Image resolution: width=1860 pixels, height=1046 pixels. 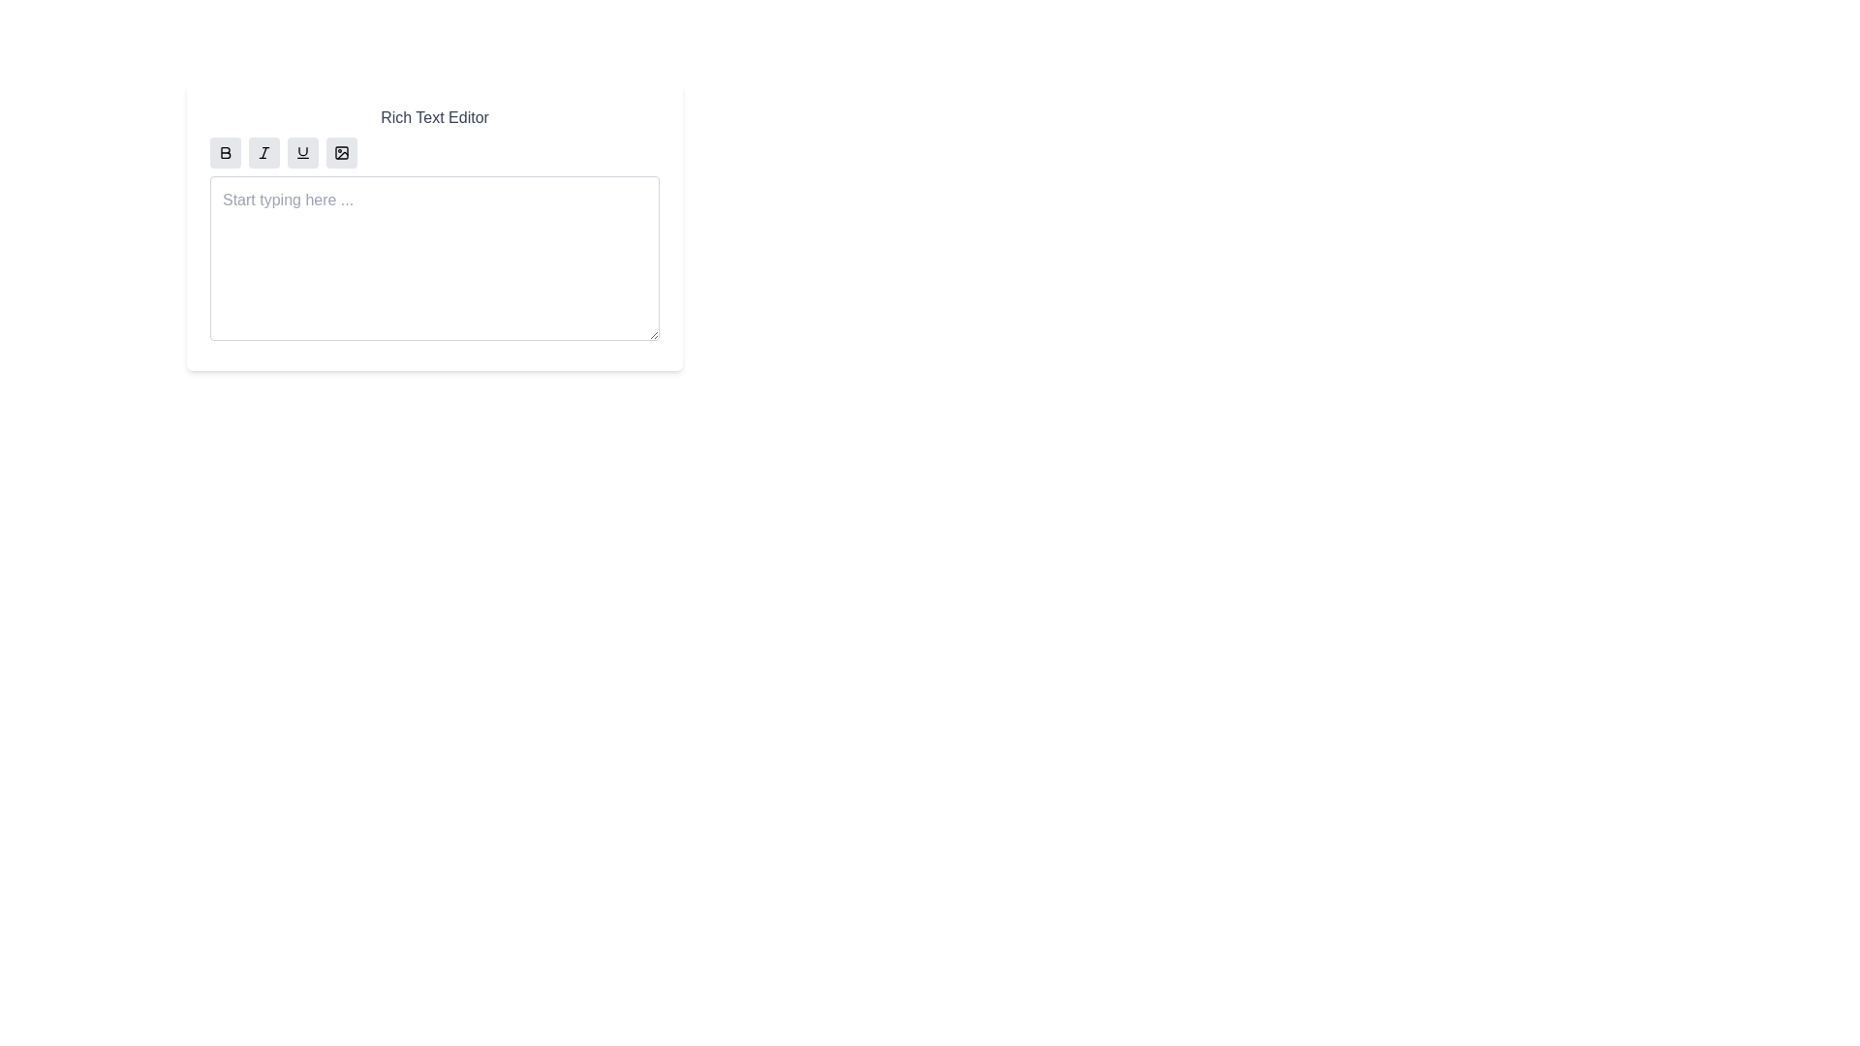 I want to click on the bold styling icon, which is the leftmost icon in the toolbar above the text area, so click(x=226, y=152).